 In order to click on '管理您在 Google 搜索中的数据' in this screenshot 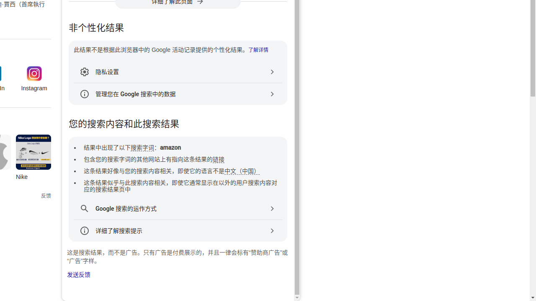, I will do `click(177, 94)`.